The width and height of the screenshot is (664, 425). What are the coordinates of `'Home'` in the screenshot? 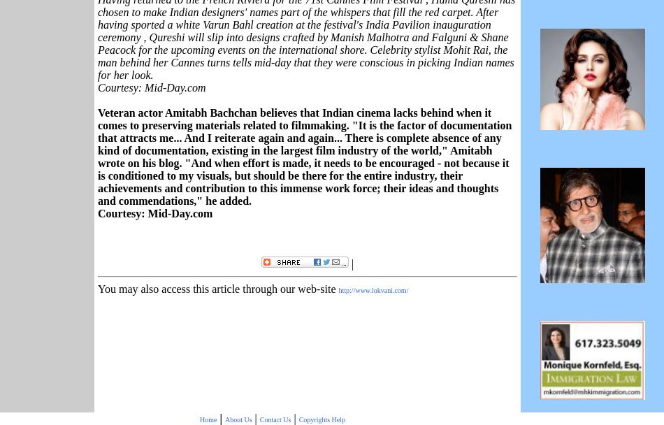 It's located at (199, 418).